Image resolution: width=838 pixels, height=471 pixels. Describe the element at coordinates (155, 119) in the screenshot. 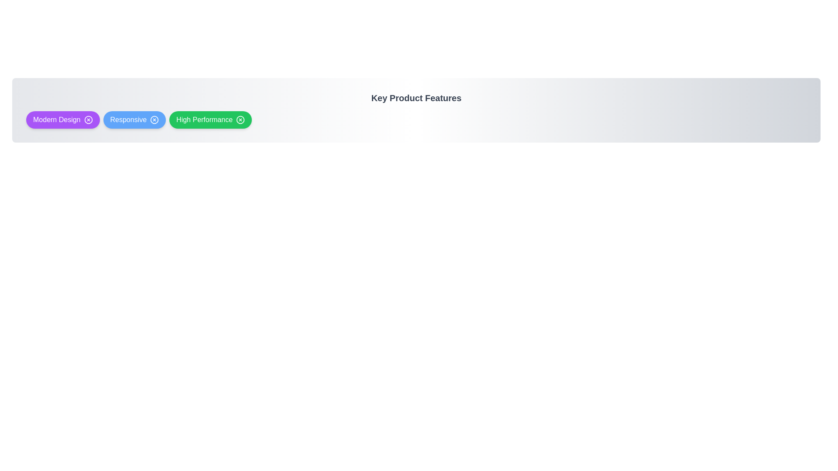

I see `remove button for the feature Responsive` at that location.